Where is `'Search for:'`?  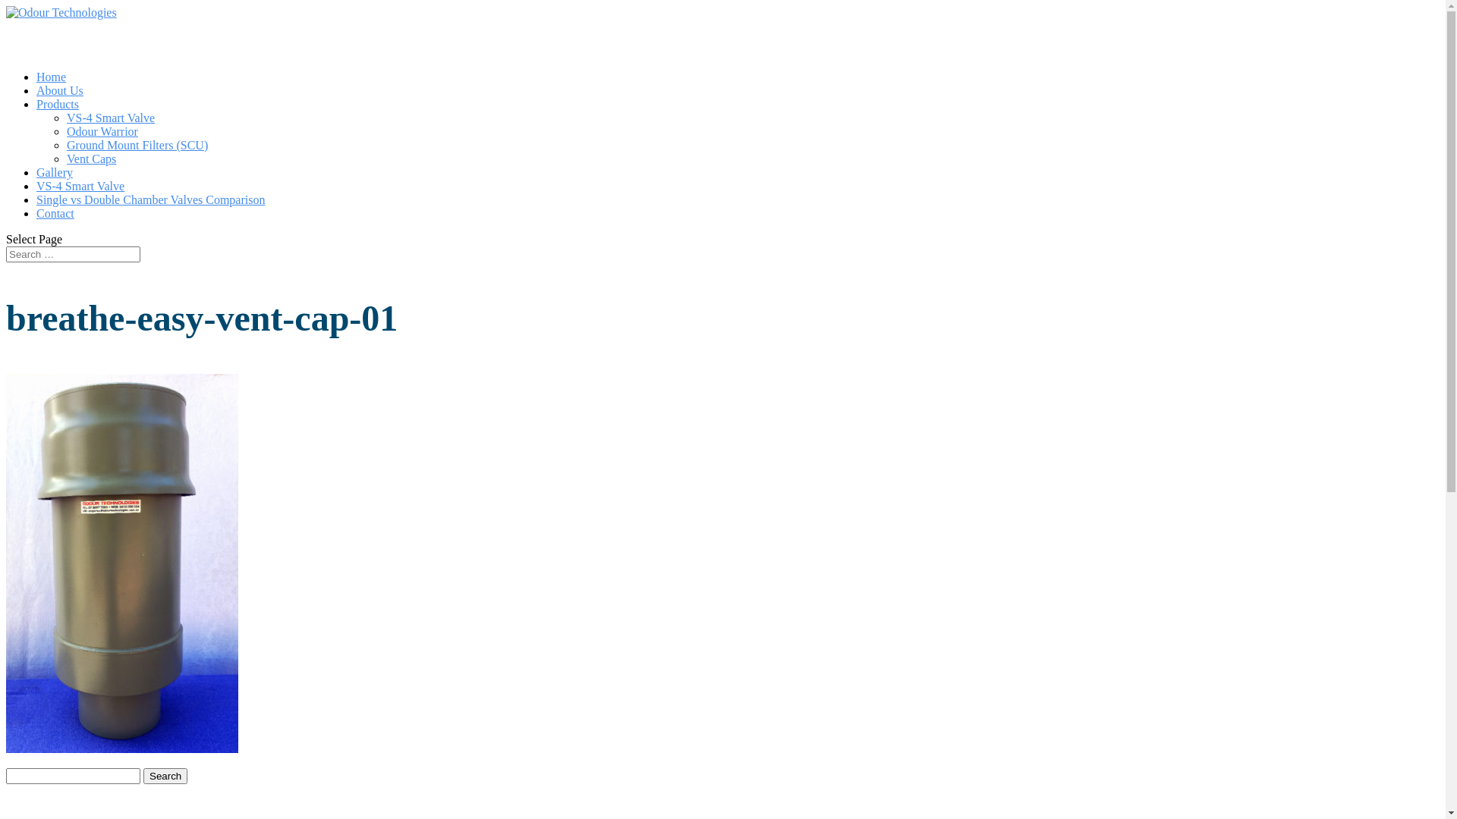
'Search for:' is located at coordinates (72, 253).